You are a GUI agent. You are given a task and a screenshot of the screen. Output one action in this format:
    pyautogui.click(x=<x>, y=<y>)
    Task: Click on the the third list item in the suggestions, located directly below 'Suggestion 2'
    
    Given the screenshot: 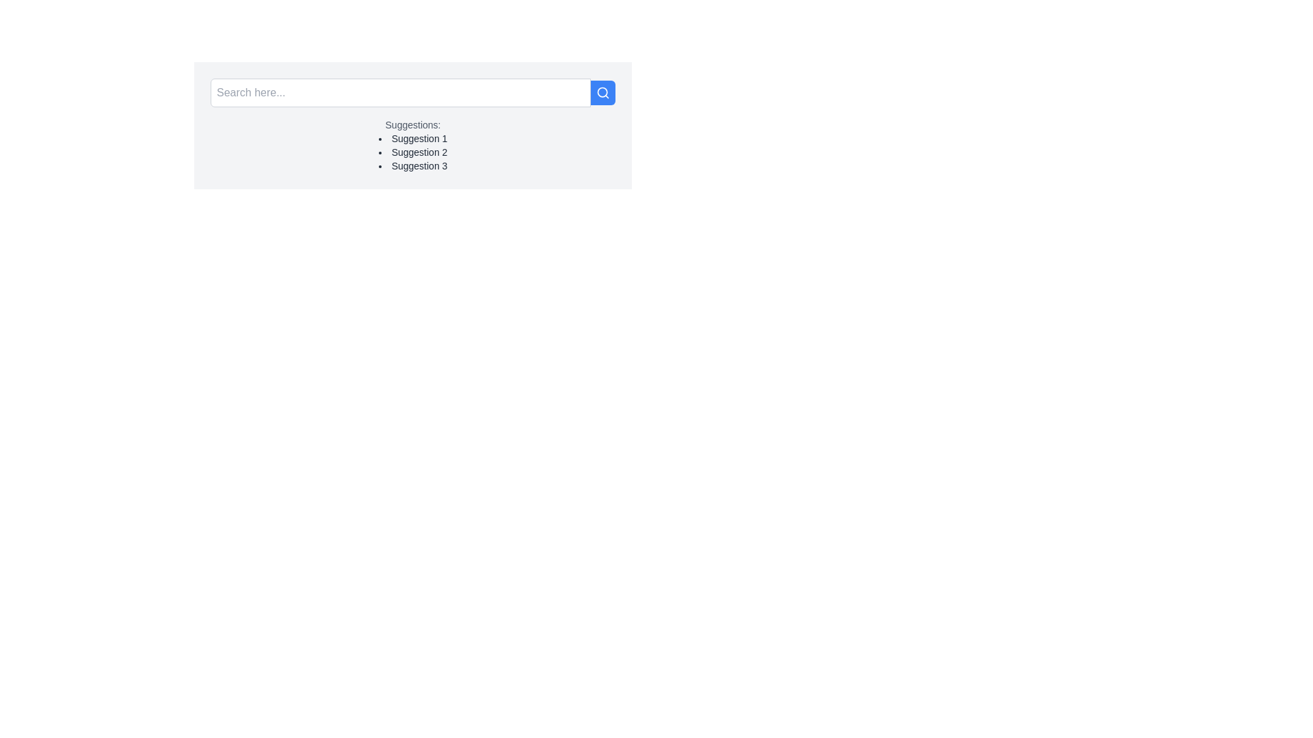 What is the action you would take?
    pyautogui.click(x=412, y=165)
    